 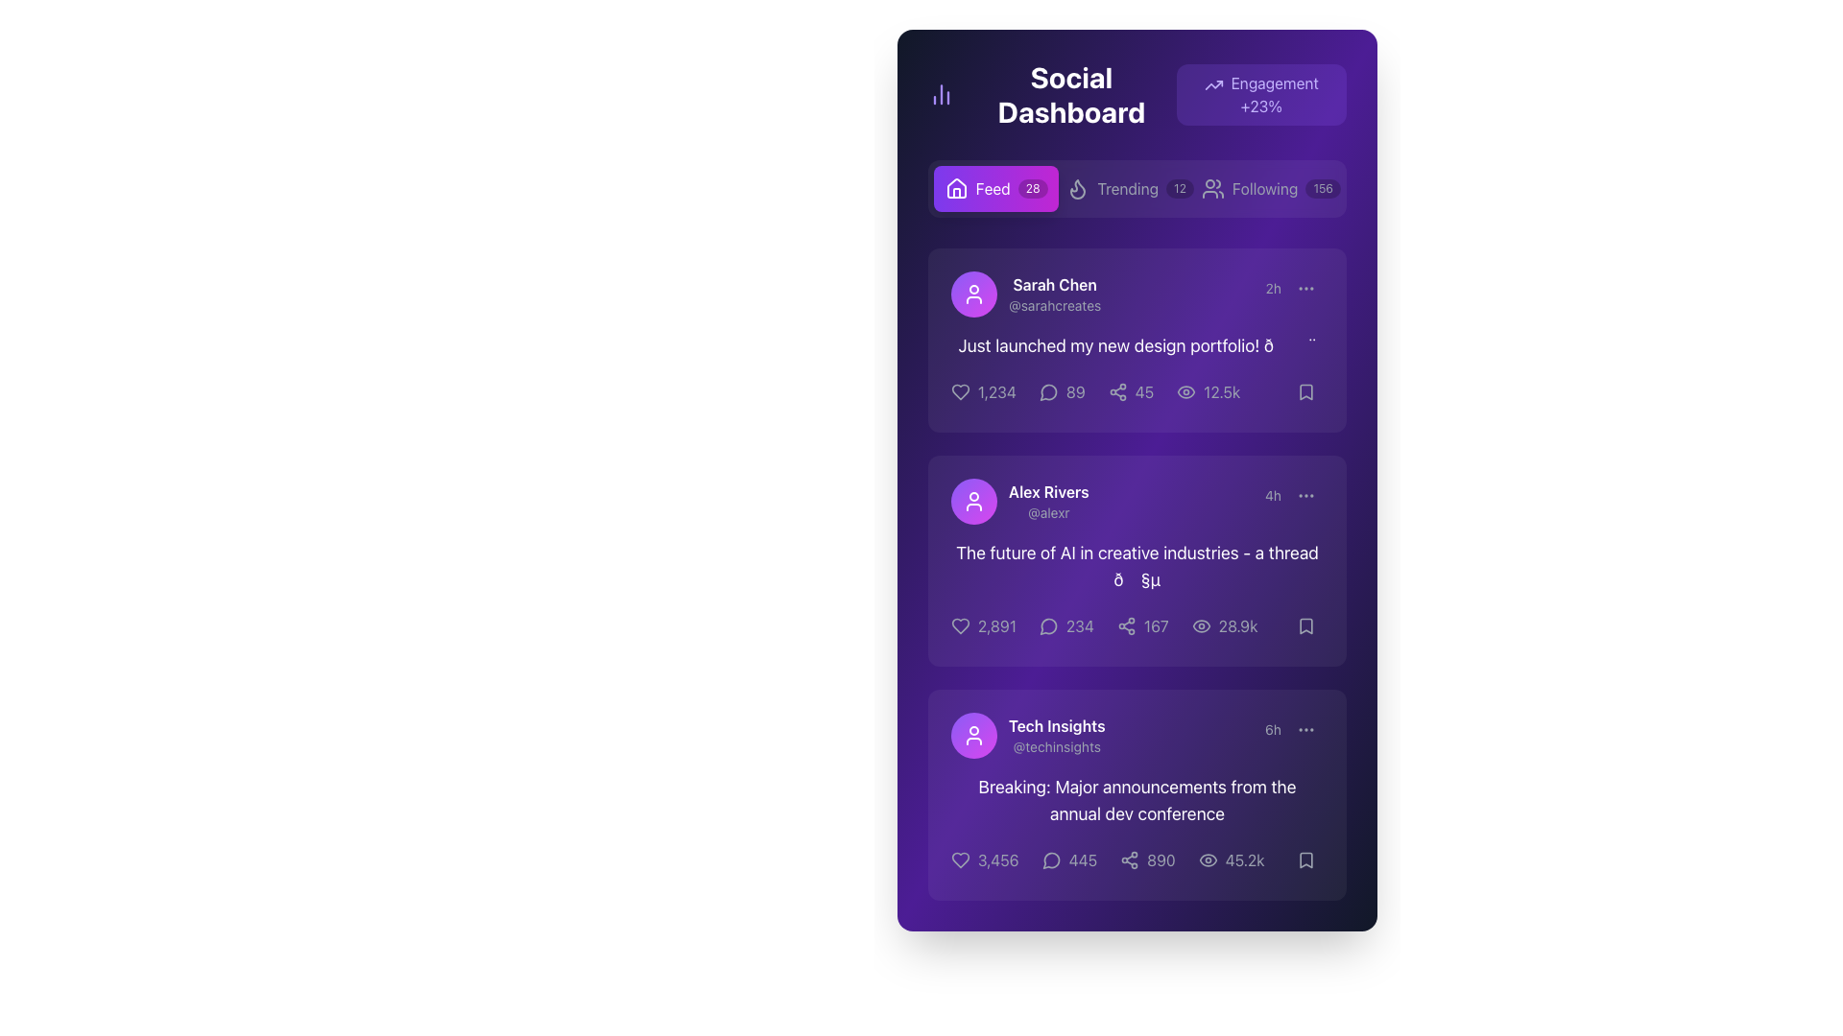 I want to click on the comment icon located to the left of the number '89', so click(x=1047, y=390).